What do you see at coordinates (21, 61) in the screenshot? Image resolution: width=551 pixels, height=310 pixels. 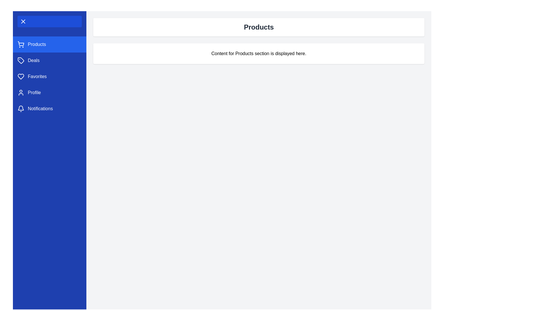 I see `the tag icon located to the left of the 'Deals' text in the vertical navigation section` at bounding box center [21, 61].